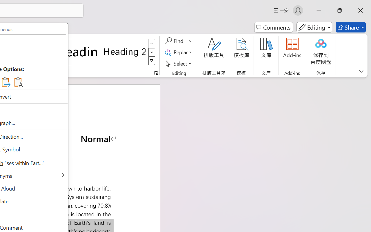 This screenshot has height=232, width=371. Describe the element at coordinates (156, 73) in the screenshot. I see `'Styles...'` at that location.